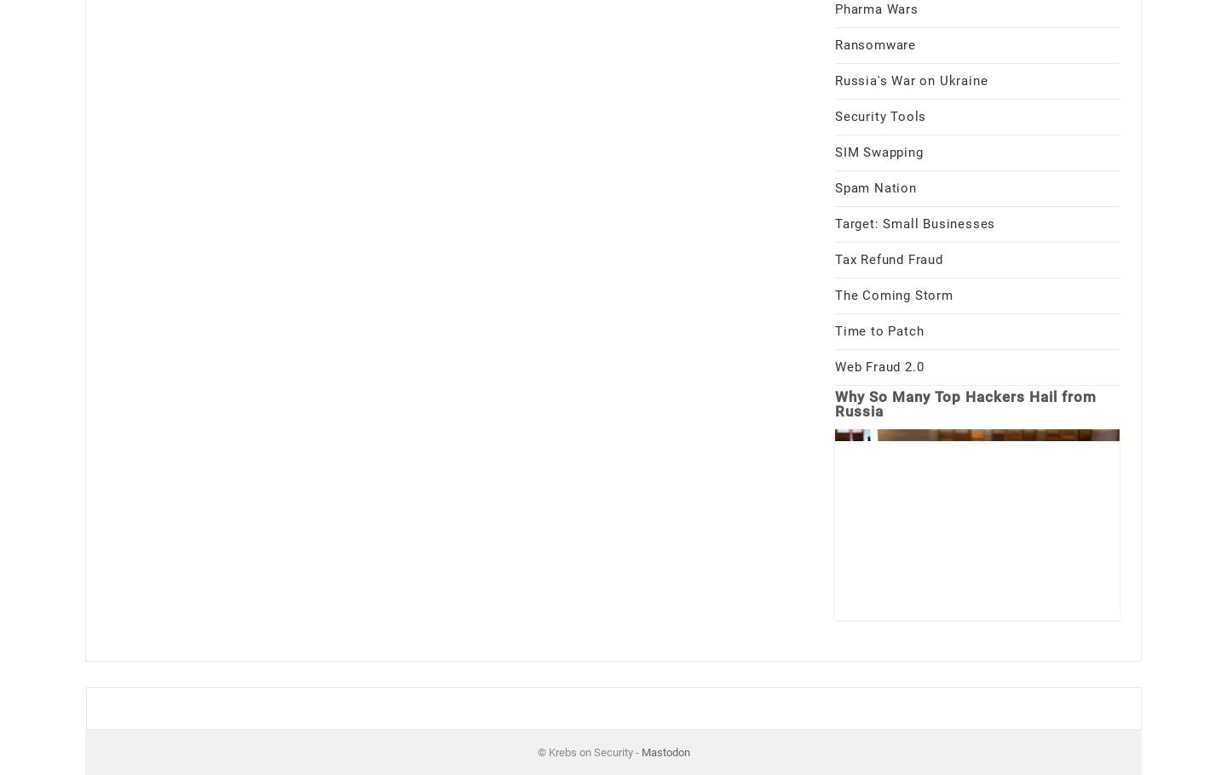  Describe the element at coordinates (834, 259) in the screenshot. I see `'Tax Refund Fraud'` at that location.